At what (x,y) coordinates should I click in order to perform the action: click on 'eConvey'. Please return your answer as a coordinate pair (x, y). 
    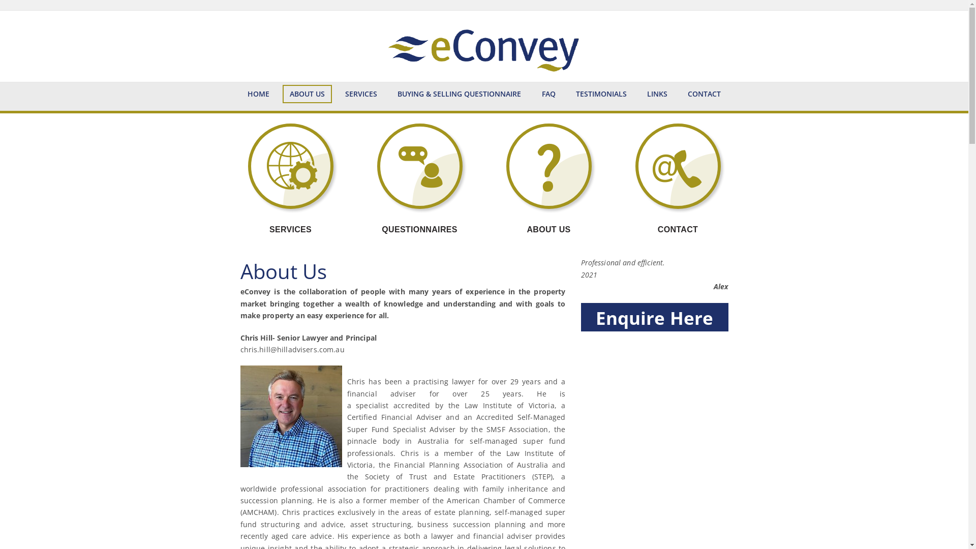
    Looking at the image, I should click on (483, 46).